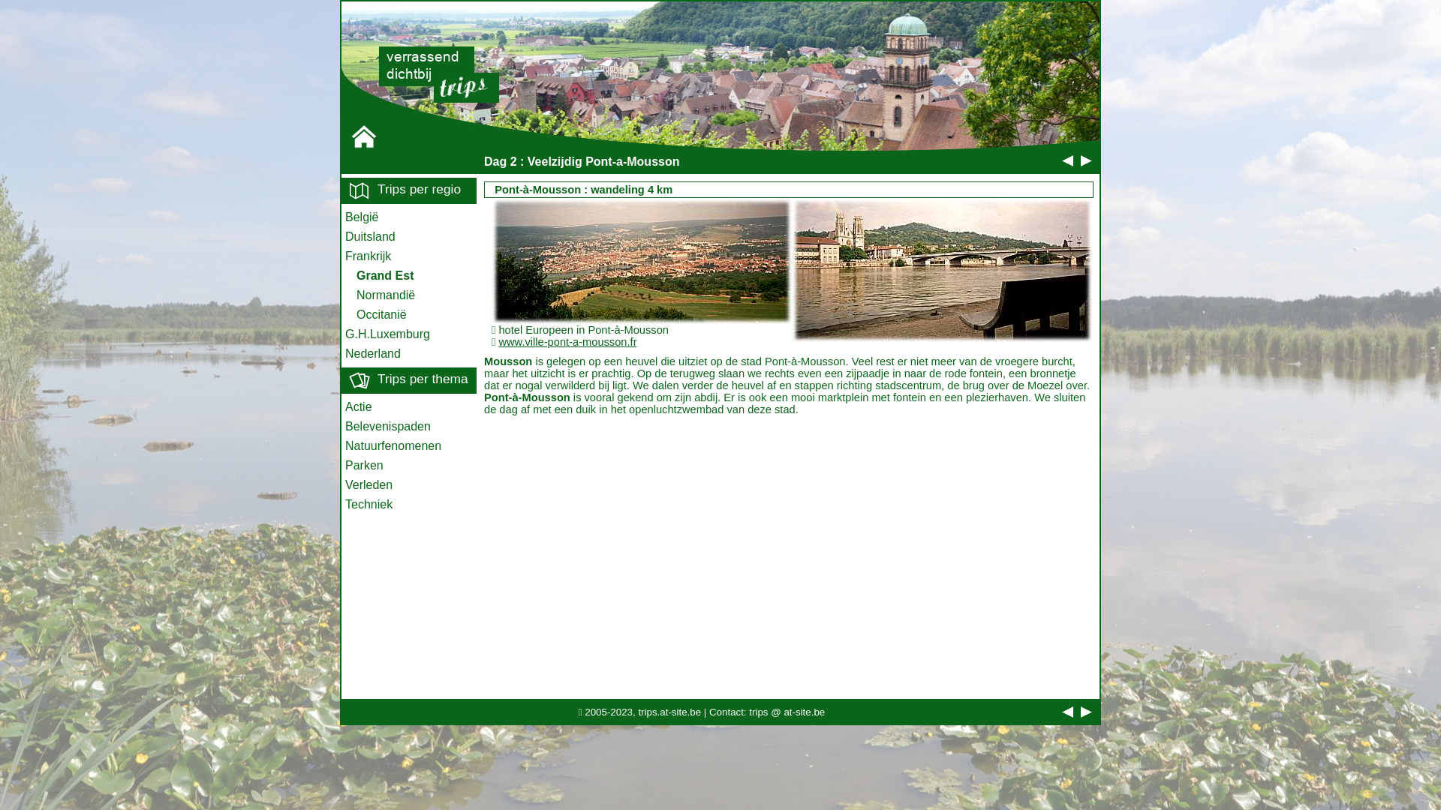 This screenshot has width=1441, height=810. Describe the element at coordinates (409, 353) in the screenshot. I see `'Nederland'` at that location.